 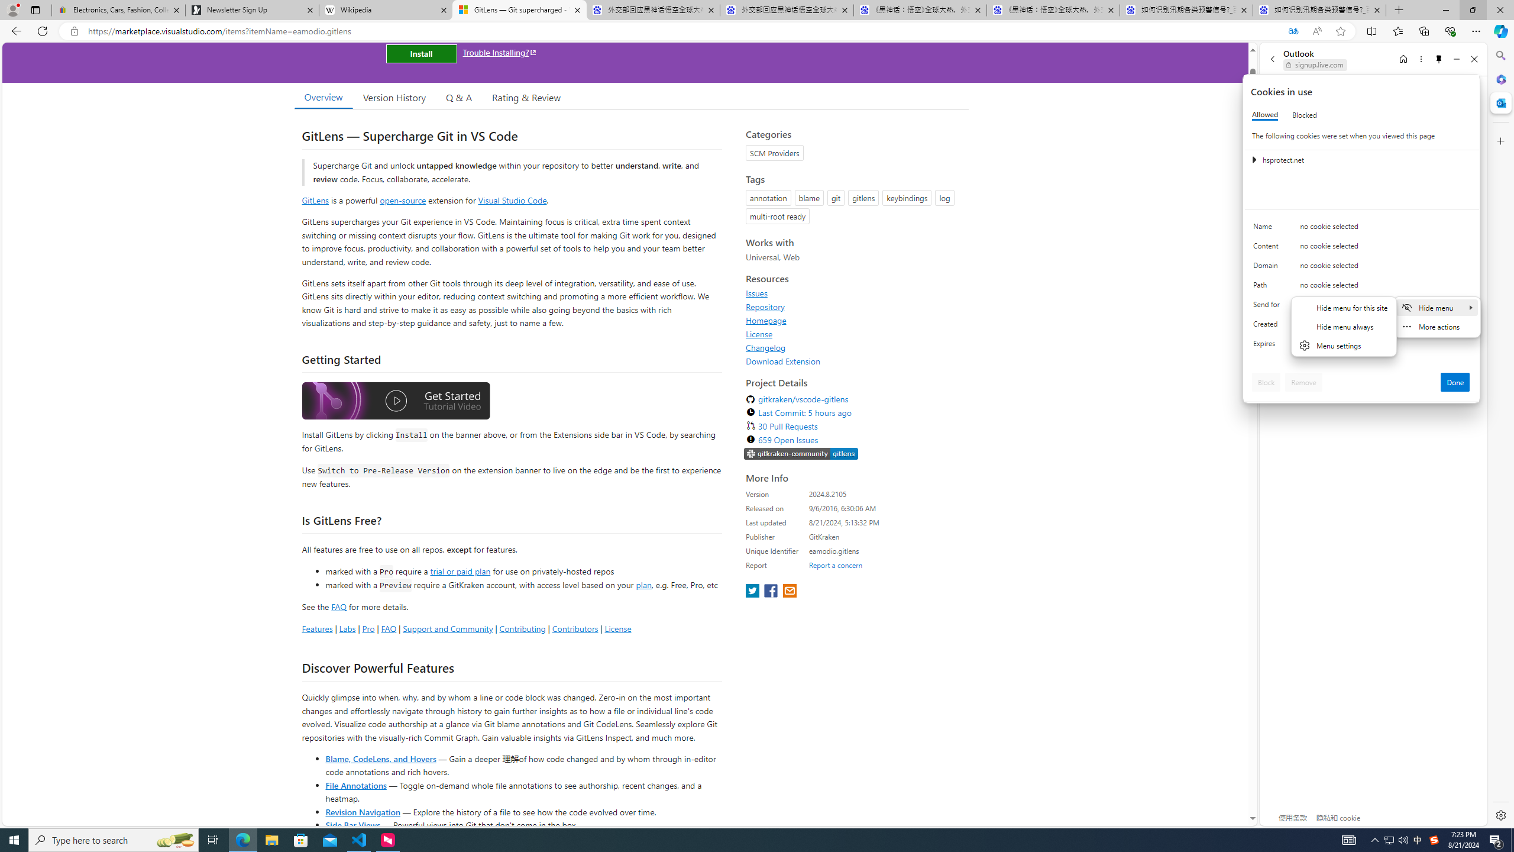 I want to click on 'Send for', so click(x=1268, y=306).